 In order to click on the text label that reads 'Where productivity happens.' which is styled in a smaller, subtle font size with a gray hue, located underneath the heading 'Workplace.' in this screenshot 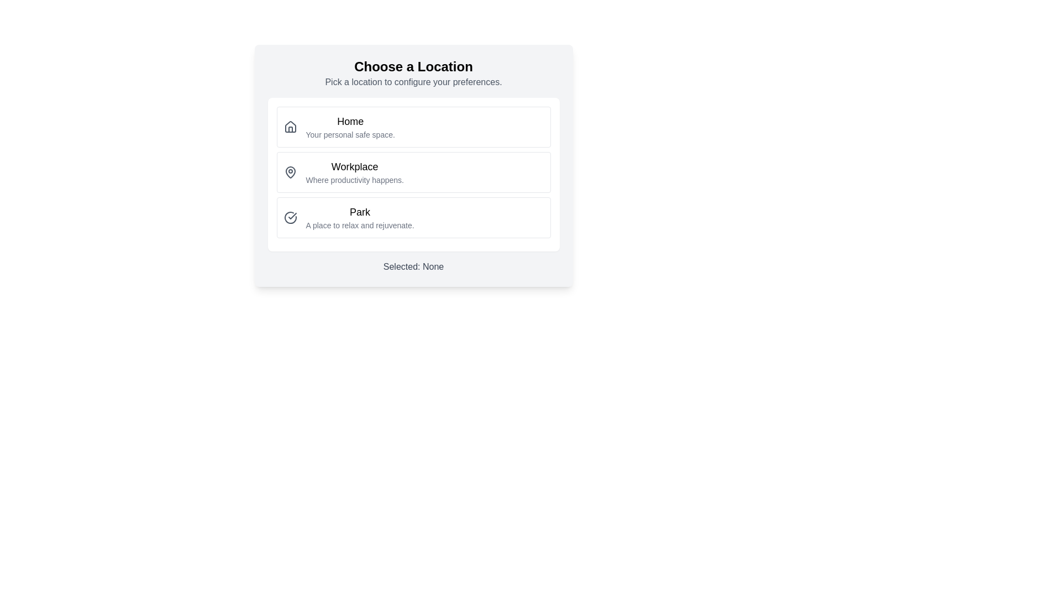, I will do `click(355, 180)`.